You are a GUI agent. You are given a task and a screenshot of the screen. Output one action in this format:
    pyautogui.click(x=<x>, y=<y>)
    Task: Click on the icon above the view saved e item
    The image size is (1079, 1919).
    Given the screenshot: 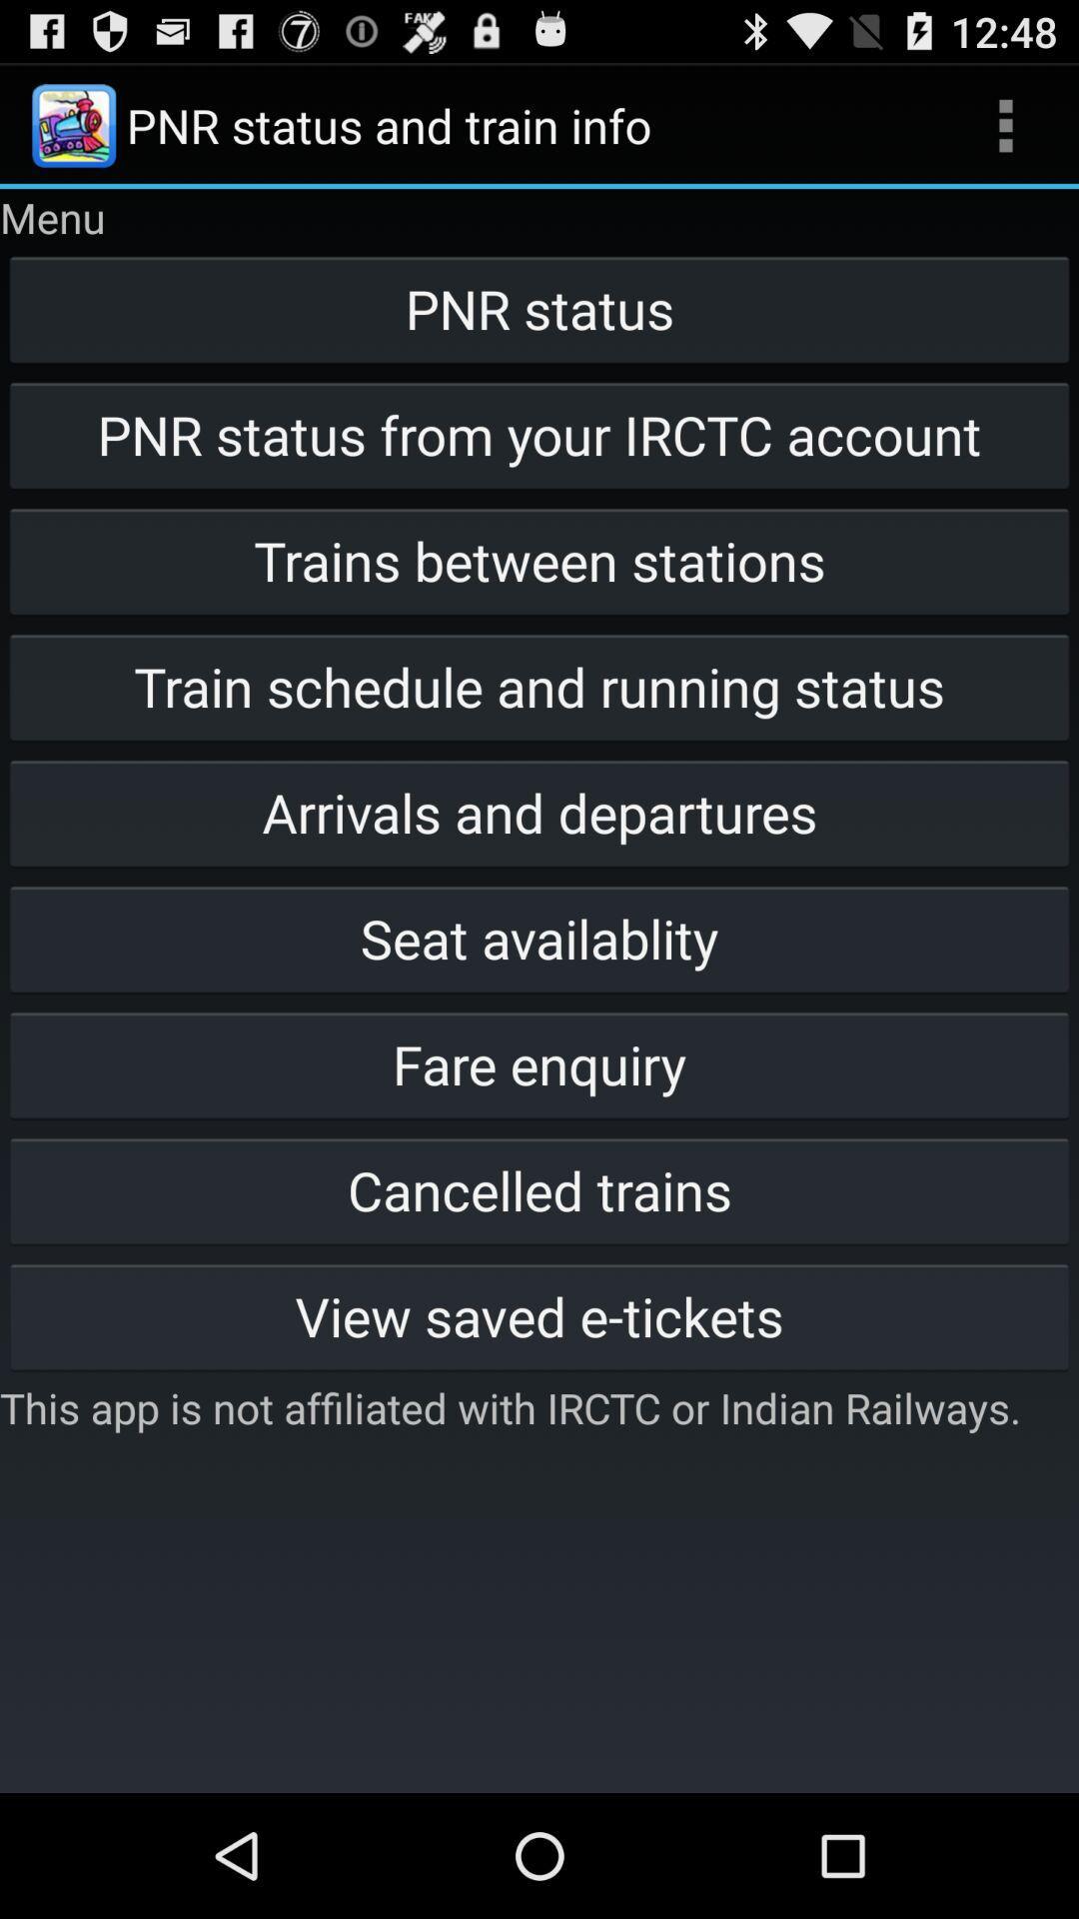 What is the action you would take?
    pyautogui.click(x=539, y=1189)
    